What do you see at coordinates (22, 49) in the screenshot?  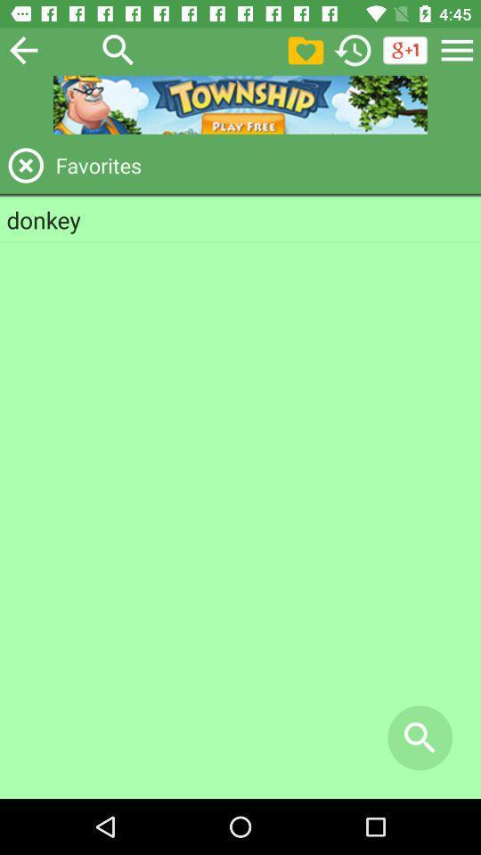 I see `back page` at bounding box center [22, 49].